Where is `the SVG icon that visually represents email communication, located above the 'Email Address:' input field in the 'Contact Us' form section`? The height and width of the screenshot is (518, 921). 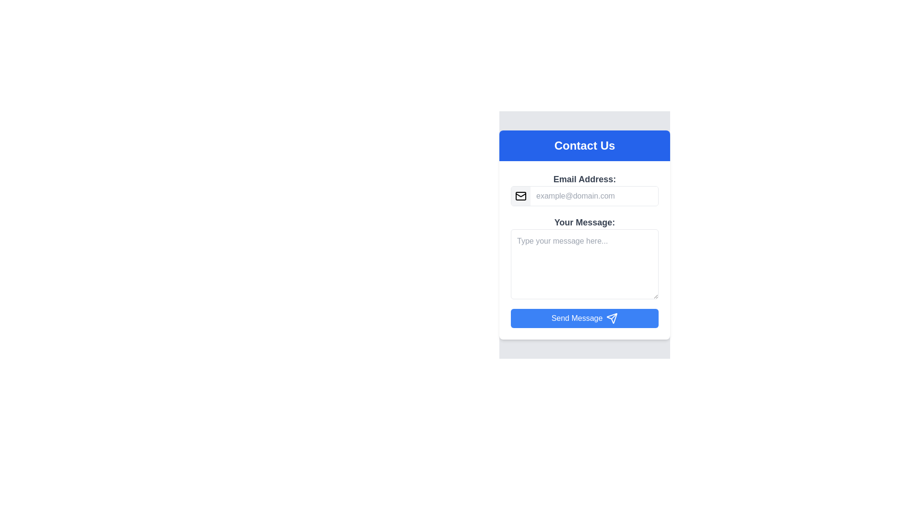 the SVG icon that visually represents email communication, located above the 'Email Address:' input field in the 'Contact Us' form section is located at coordinates (520, 195).